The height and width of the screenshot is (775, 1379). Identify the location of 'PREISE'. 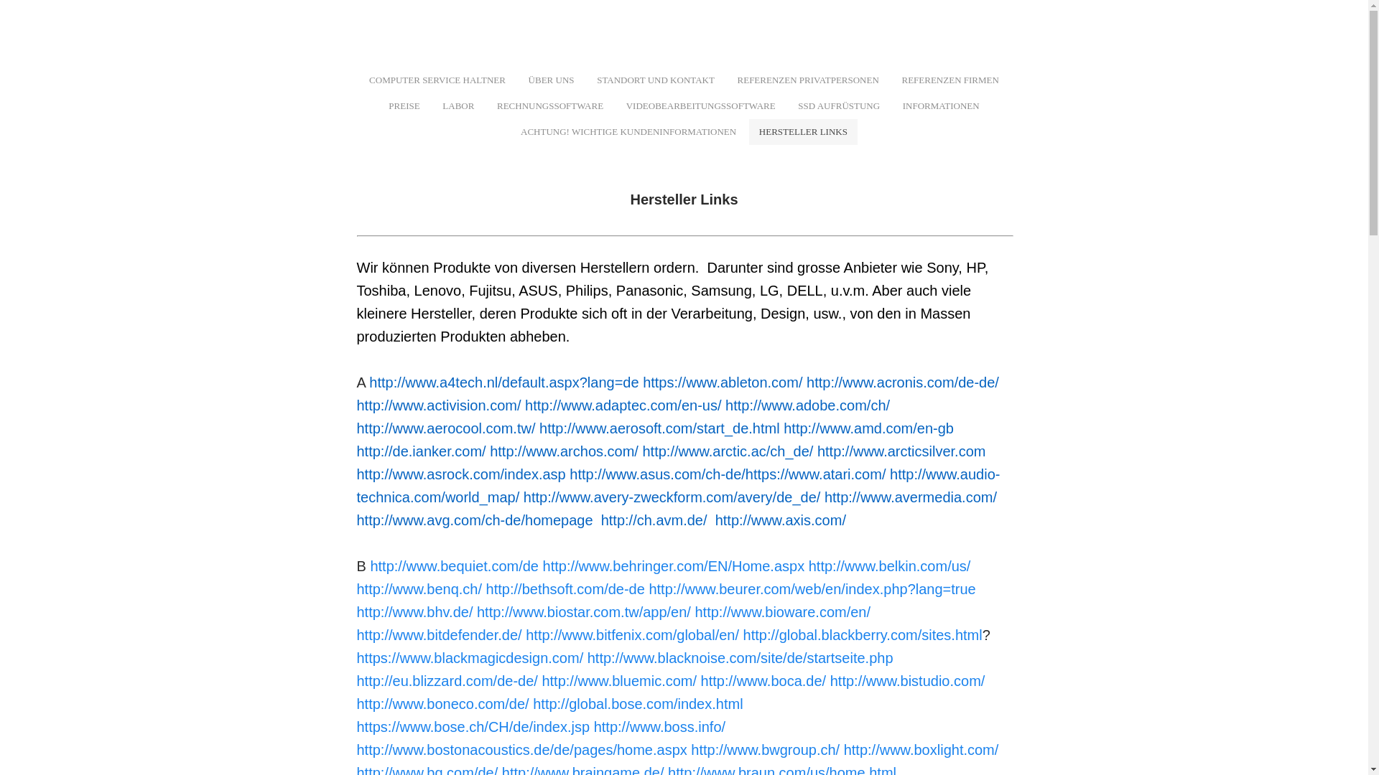
(403, 105).